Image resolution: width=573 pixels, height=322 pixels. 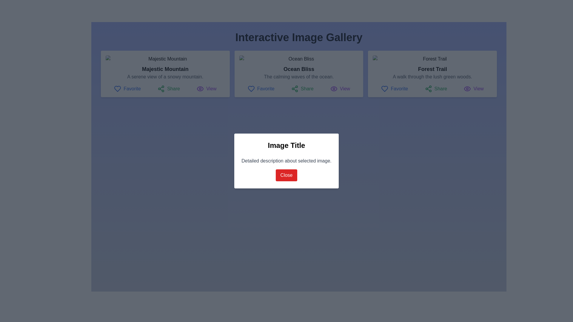 What do you see at coordinates (165, 59) in the screenshot?
I see `'Majestic Mountain' image located at the top-left corner of the first card in the gallery` at bounding box center [165, 59].